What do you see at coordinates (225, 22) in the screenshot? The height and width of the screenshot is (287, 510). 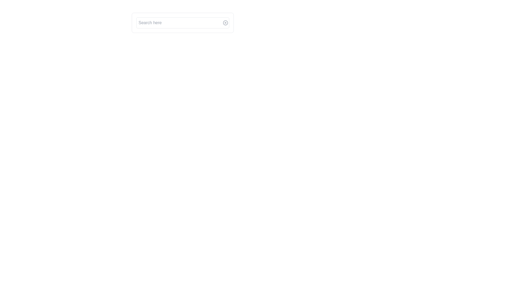 I see `the circular part of the closure or deletion icon located at the far right end of the search bar` at bounding box center [225, 22].